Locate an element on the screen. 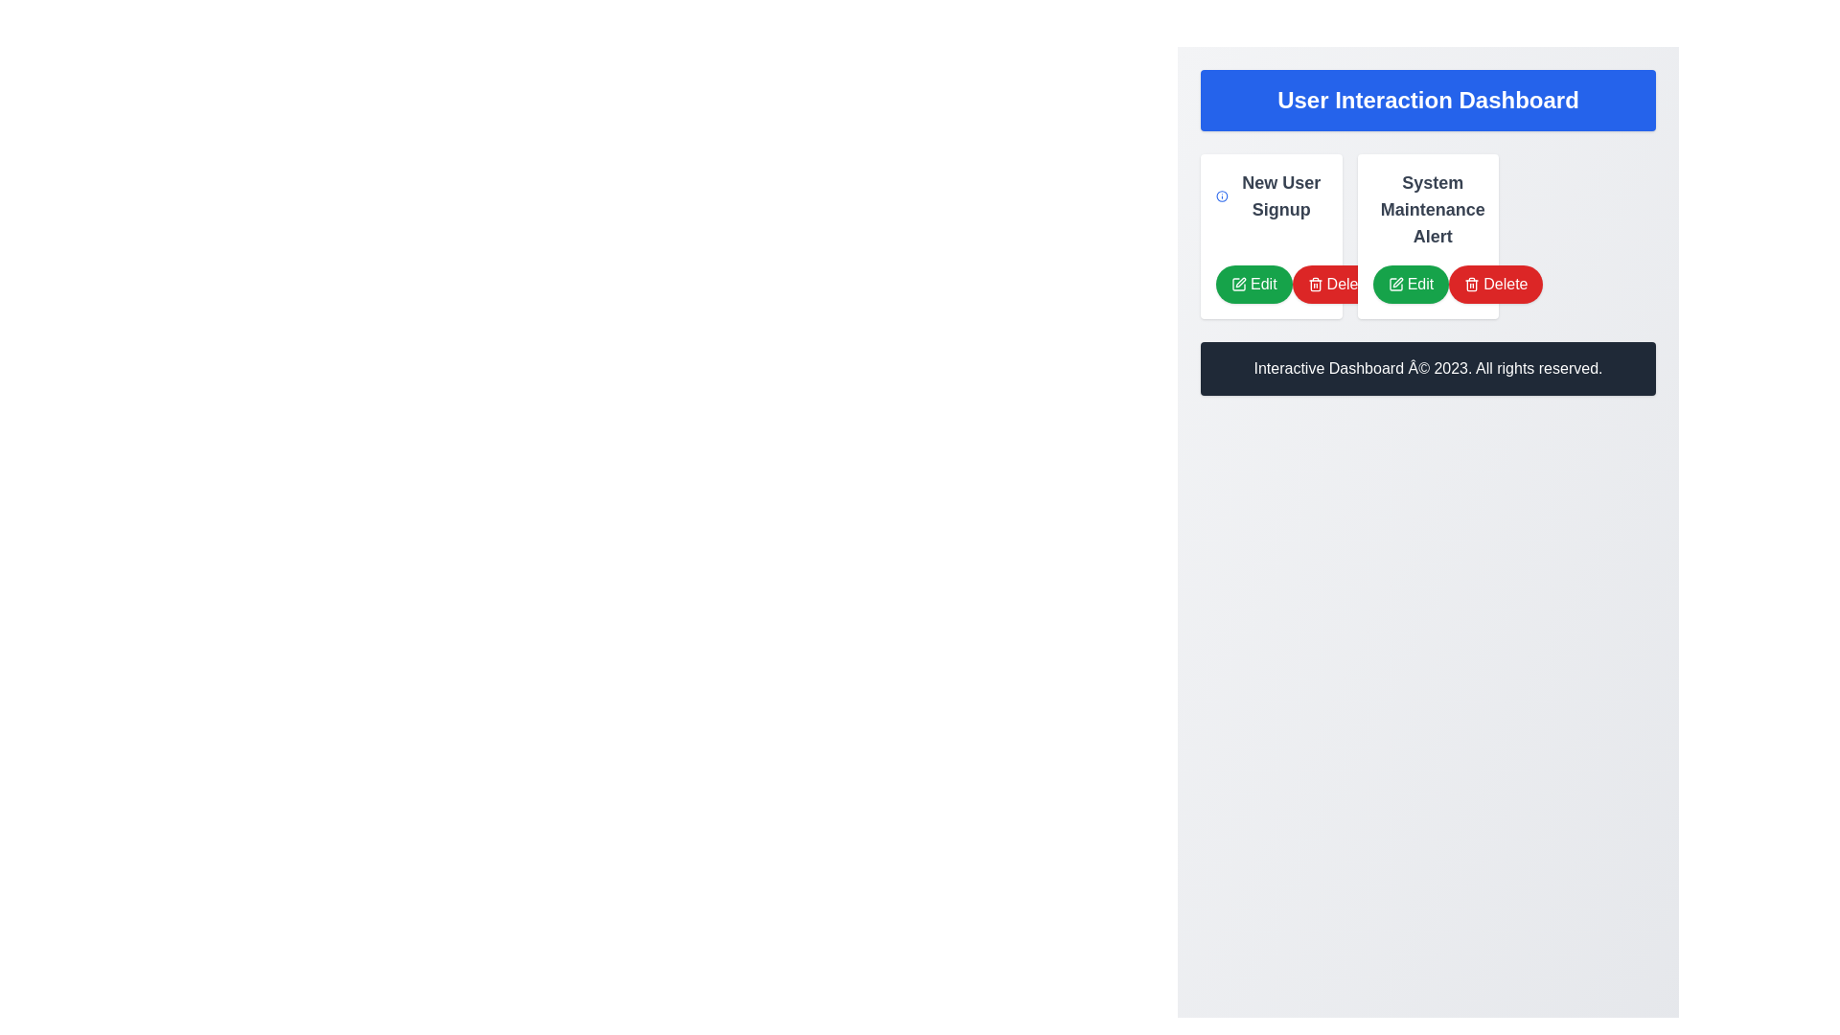  the delete icon located at the bottom-right of the 'New User Signup' card, just to the left of the 'Edit' button is located at coordinates (1314, 285).